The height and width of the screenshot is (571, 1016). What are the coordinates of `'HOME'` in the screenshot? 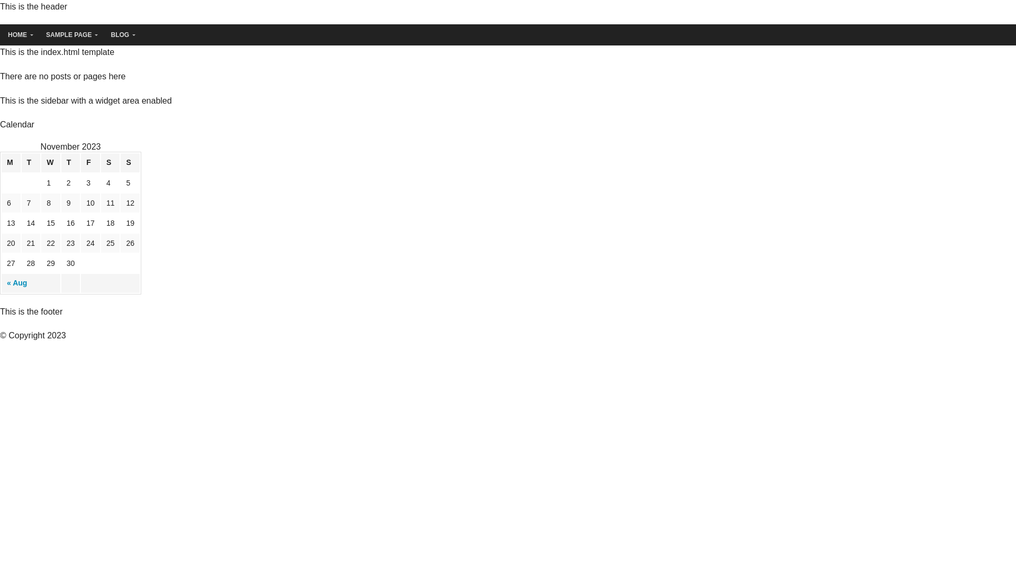 It's located at (19, 34).